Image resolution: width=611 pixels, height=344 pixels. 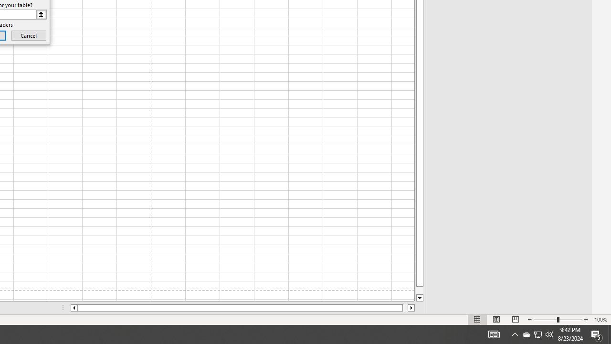 What do you see at coordinates (420, 298) in the screenshot?
I see `'Line down'` at bounding box center [420, 298].